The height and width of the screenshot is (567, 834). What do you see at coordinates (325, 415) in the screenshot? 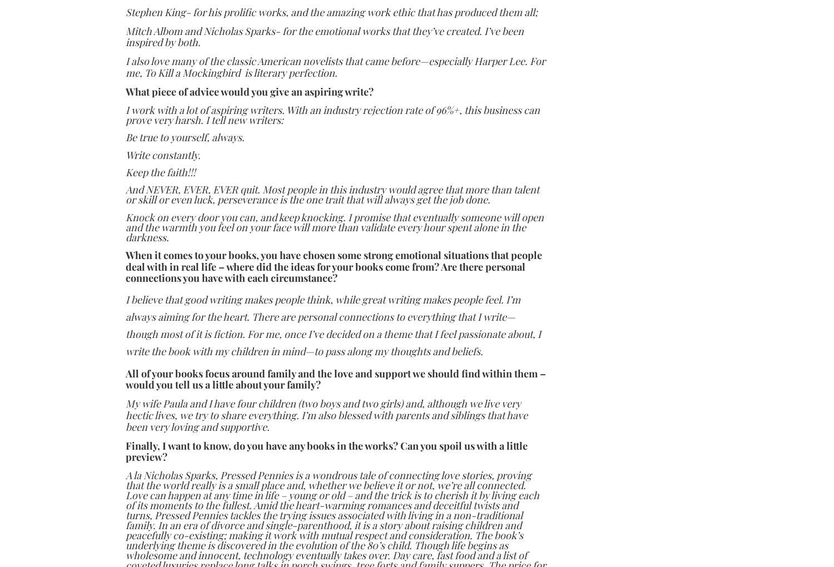
I see `'My wife Paula and I have four children (two boys and two girls) and, although we live very hectic lives, we try to share everything. I’m also blessed with parents and siblings that have been very loving and supportive.'` at bounding box center [325, 415].